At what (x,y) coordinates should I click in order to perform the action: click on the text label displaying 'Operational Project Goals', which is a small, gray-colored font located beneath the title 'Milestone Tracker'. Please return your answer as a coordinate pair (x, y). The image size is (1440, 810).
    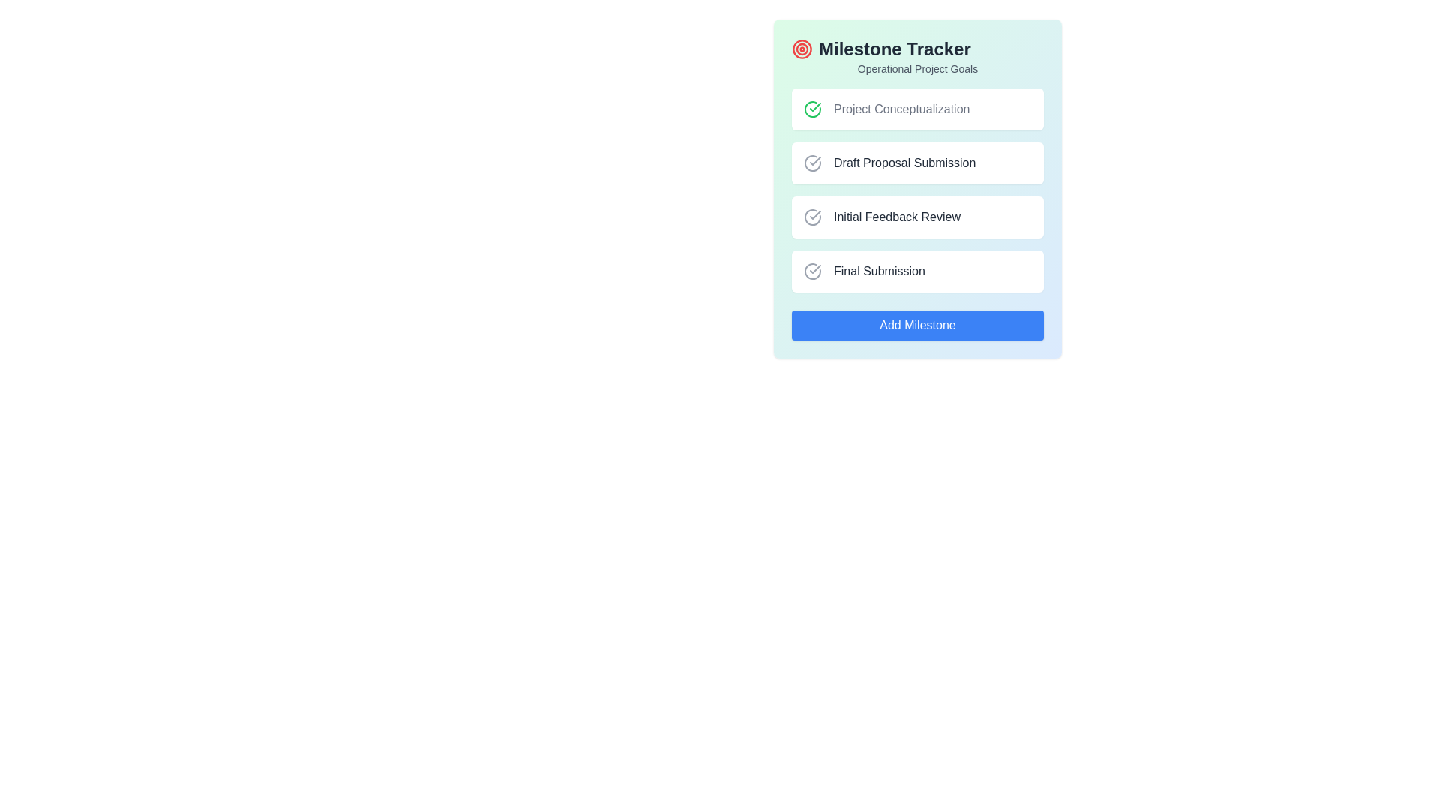
    Looking at the image, I should click on (917, 69).